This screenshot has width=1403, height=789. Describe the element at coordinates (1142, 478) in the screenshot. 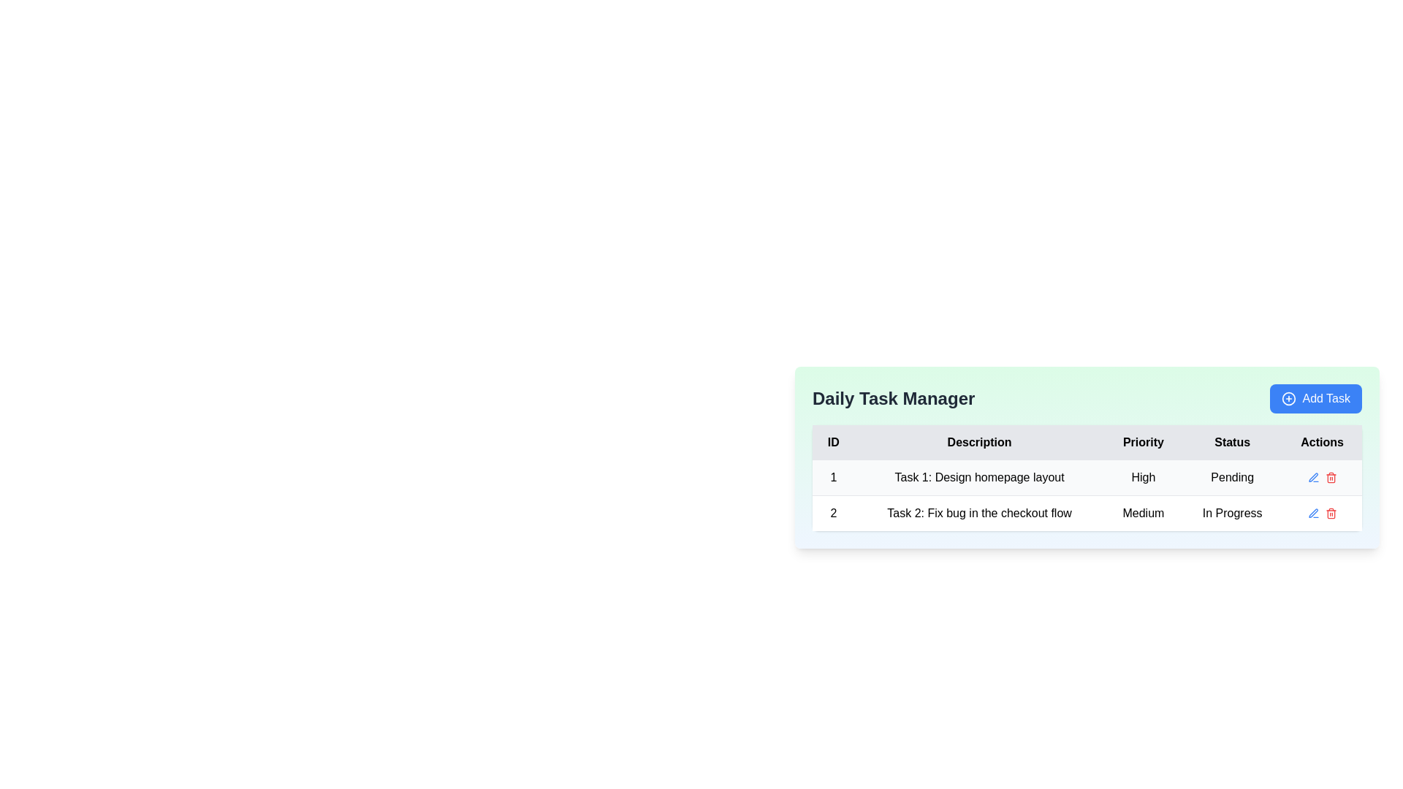

I see `the text label displaying 'High' in black on a white background, located in the third column of the first row under the 'Priority' header in the 'Daily Task Manager' table` at that location.